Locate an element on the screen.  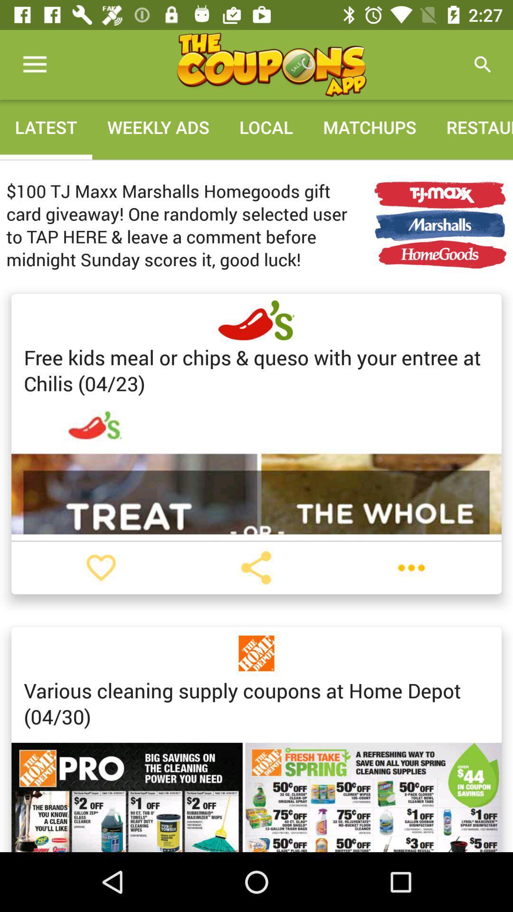
more options is located at coordinates (411, 568).